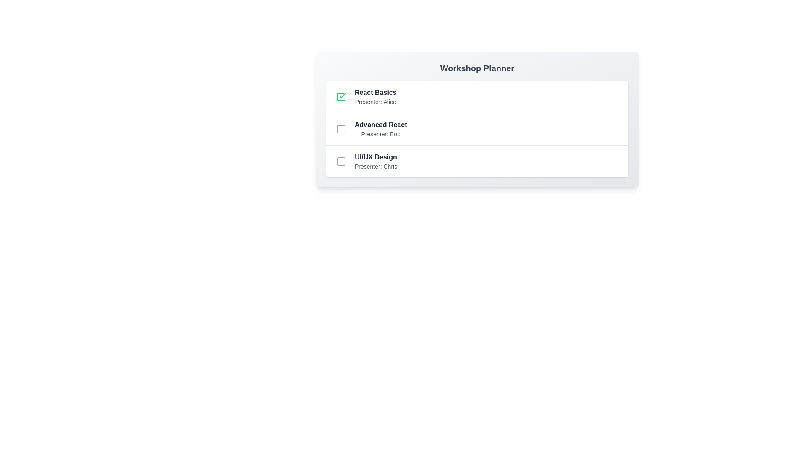 Image resolution: width=806 pixels, height=453 pixels. Describe the element at coordinates (341, 96) in the screenshot. I see `the session identified by React Basics` at that location.